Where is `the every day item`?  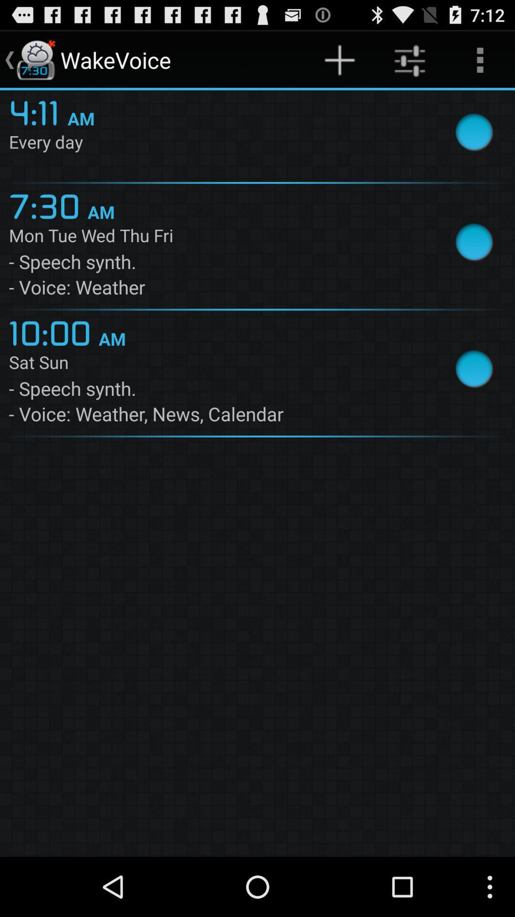 the every day item is located at coordinates (216, 143).